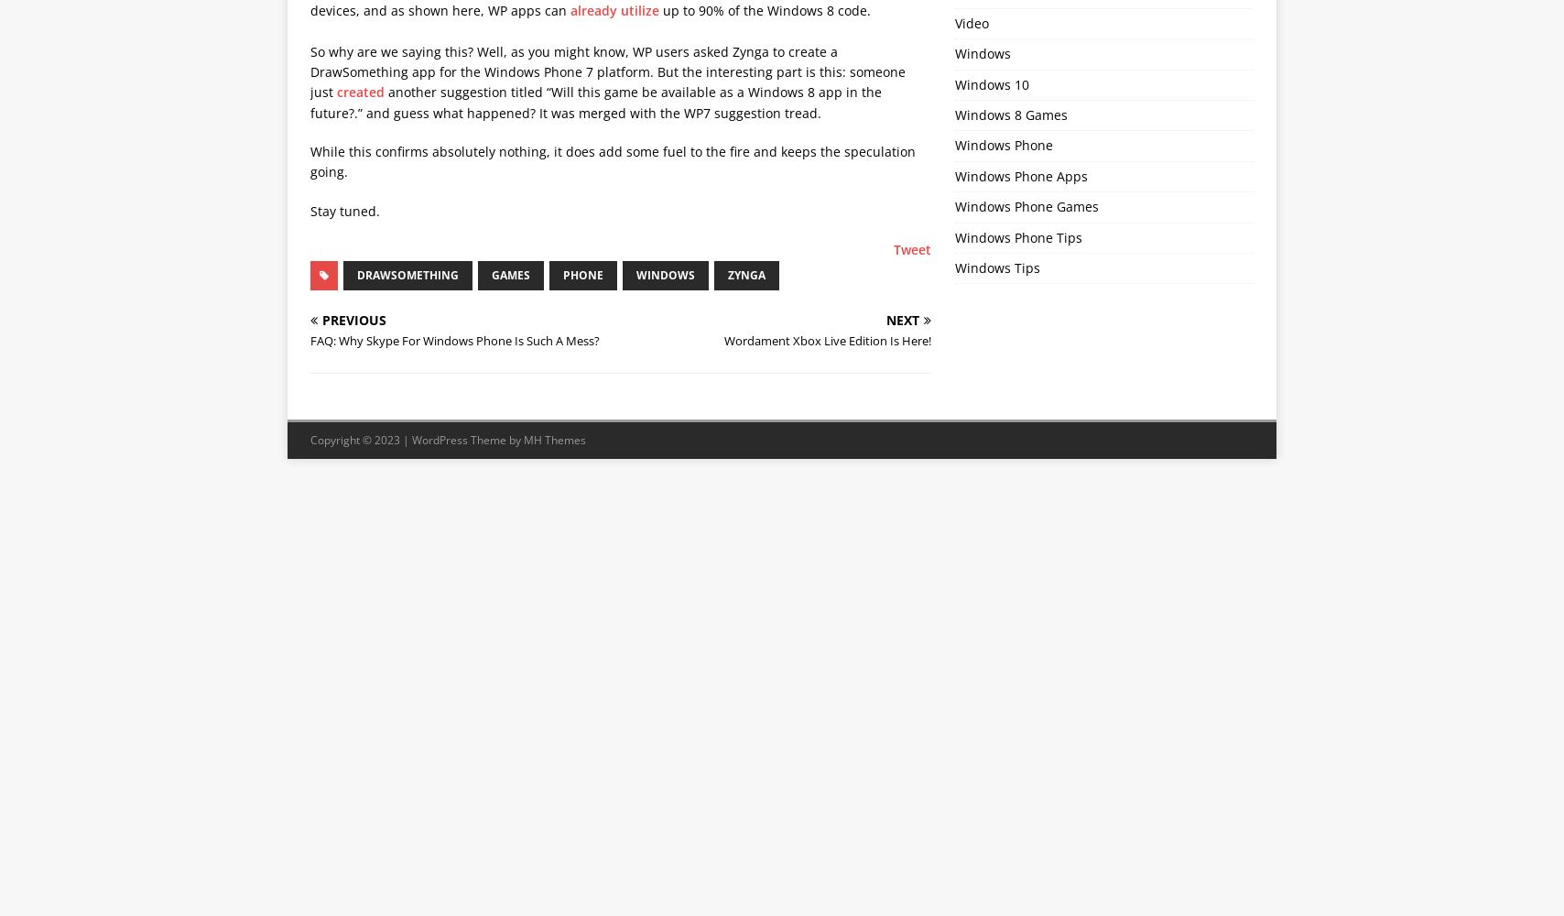  I want to click on 'Wordament Xbox Live Edition Is Here!', so click(828, 339).